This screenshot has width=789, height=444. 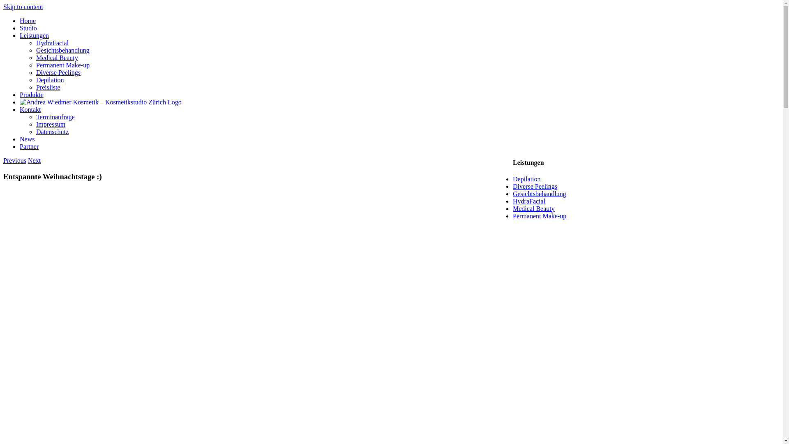 What do you see at coordinates (20, 35) in the screenshot?
I see `'Leistungen'` at bounding box center [20, 35].